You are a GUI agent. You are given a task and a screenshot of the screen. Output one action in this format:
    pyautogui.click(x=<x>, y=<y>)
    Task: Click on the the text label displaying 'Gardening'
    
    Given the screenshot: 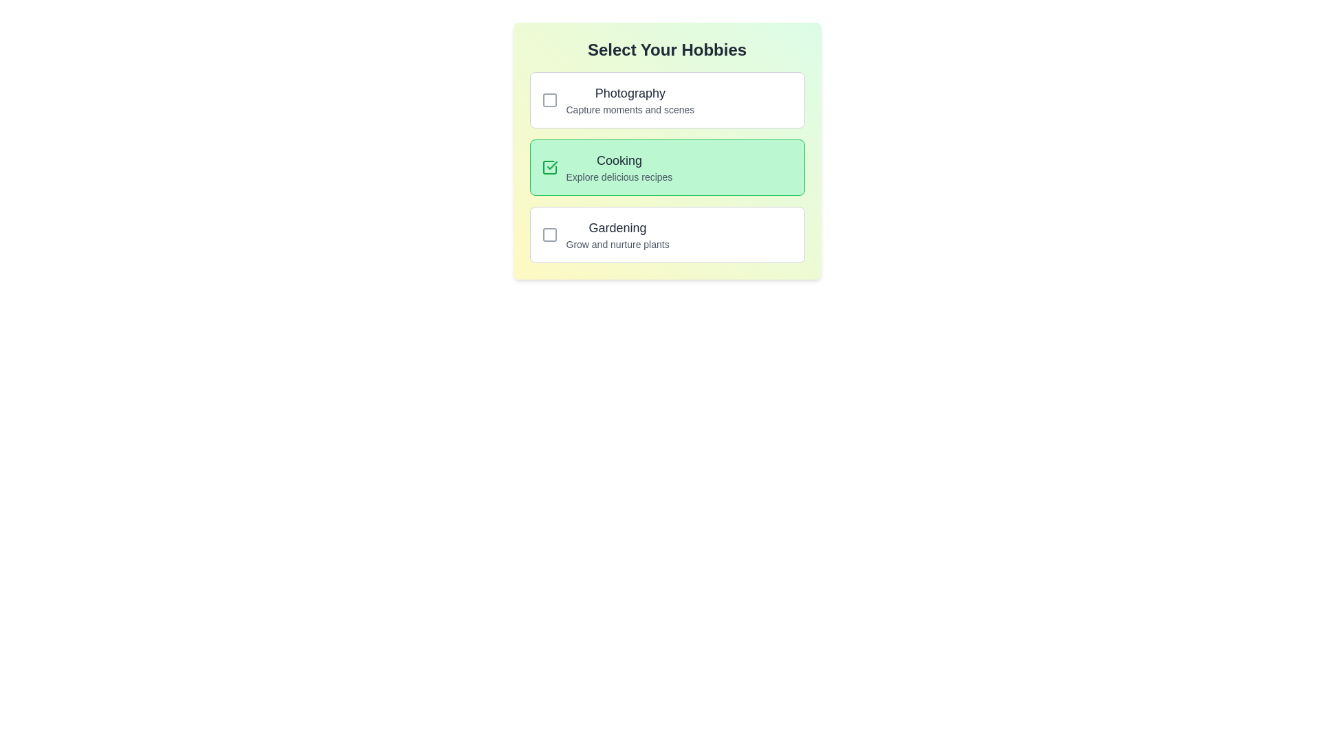 What is the action you would take?
    pyautogui.click(x=617, y=227)
    